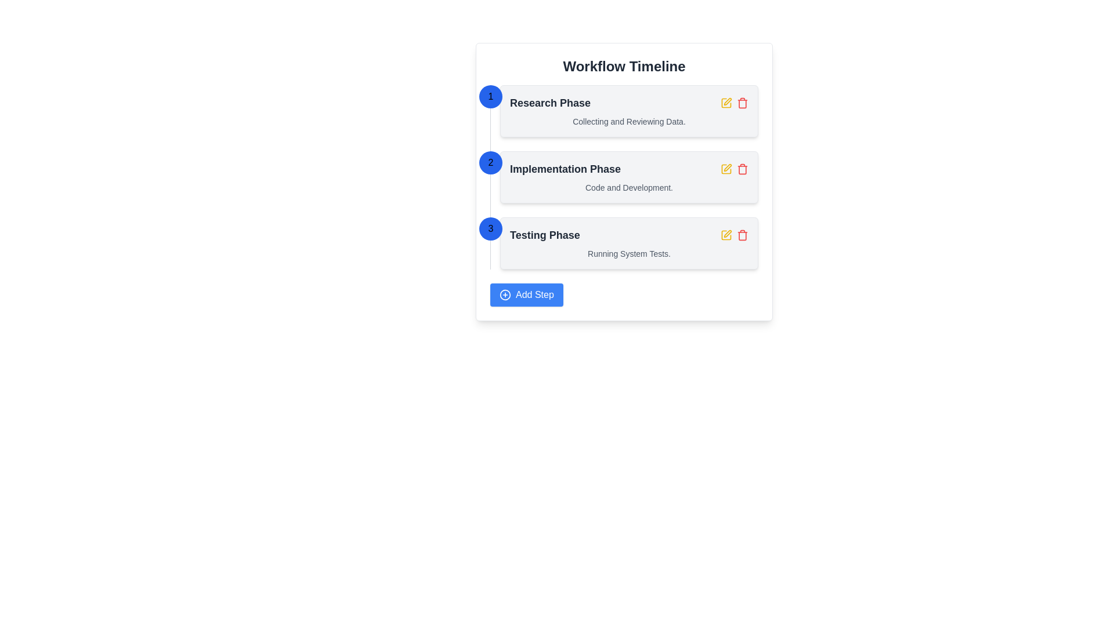 This screenshot has height=626, width=1114. Describe the element at coordinates (628, 121) in the screenshot. I see `the text label displaying 'Collecting and Reviewing Data' located below the 'Research Phase' title in the workflow timeline` at that location.